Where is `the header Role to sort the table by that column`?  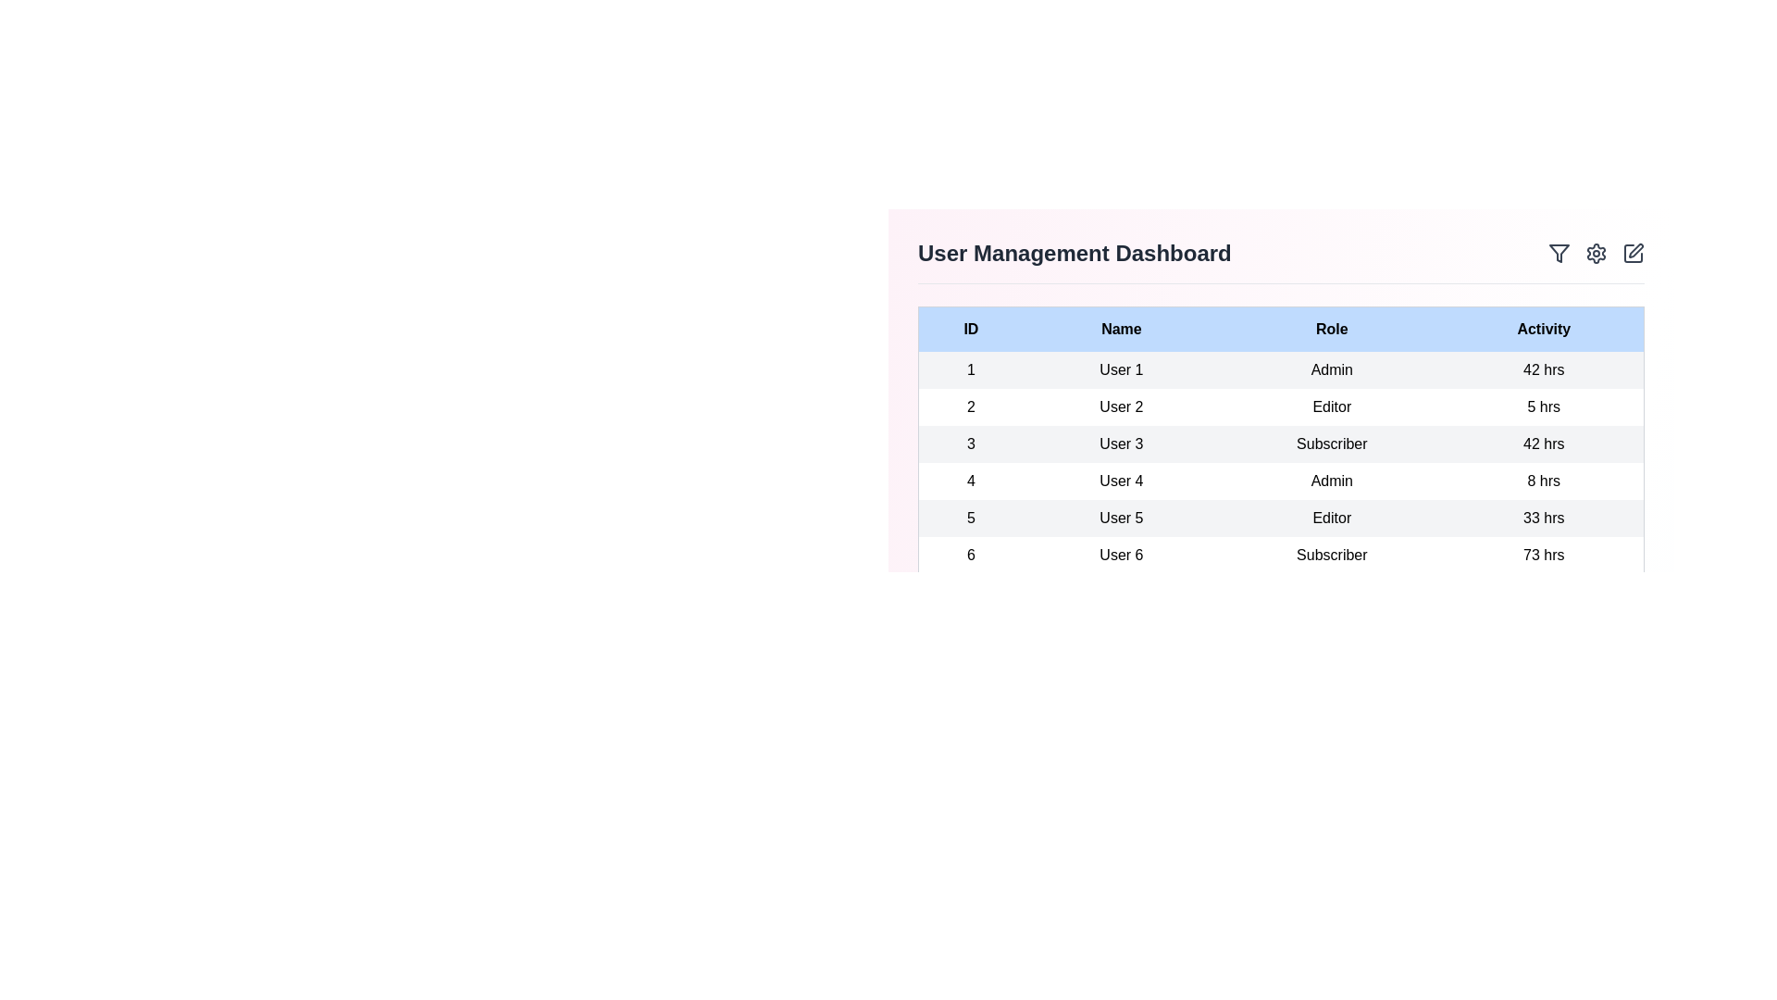
the header Role to sort the table by that column is located at coordinates (1331, 328).